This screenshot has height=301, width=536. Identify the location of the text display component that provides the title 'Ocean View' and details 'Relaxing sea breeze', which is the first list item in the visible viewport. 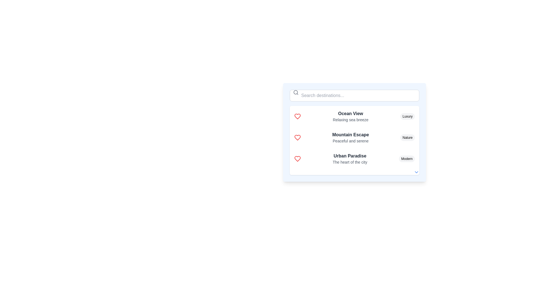
(350, 116).